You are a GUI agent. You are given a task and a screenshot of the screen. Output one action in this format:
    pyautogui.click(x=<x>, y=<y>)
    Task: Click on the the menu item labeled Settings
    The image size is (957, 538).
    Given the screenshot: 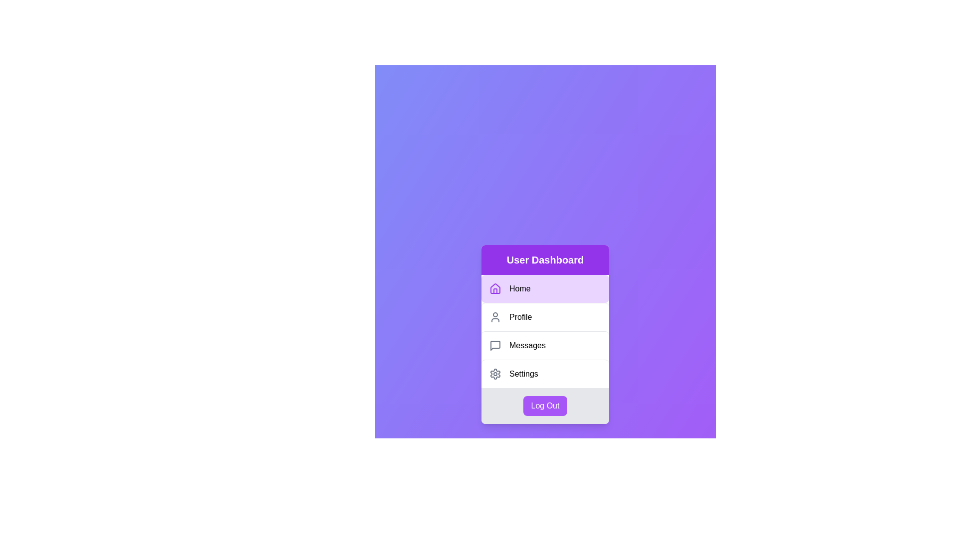 What is the action you would take?
    pyautogui.click(x=545, y=373)
    